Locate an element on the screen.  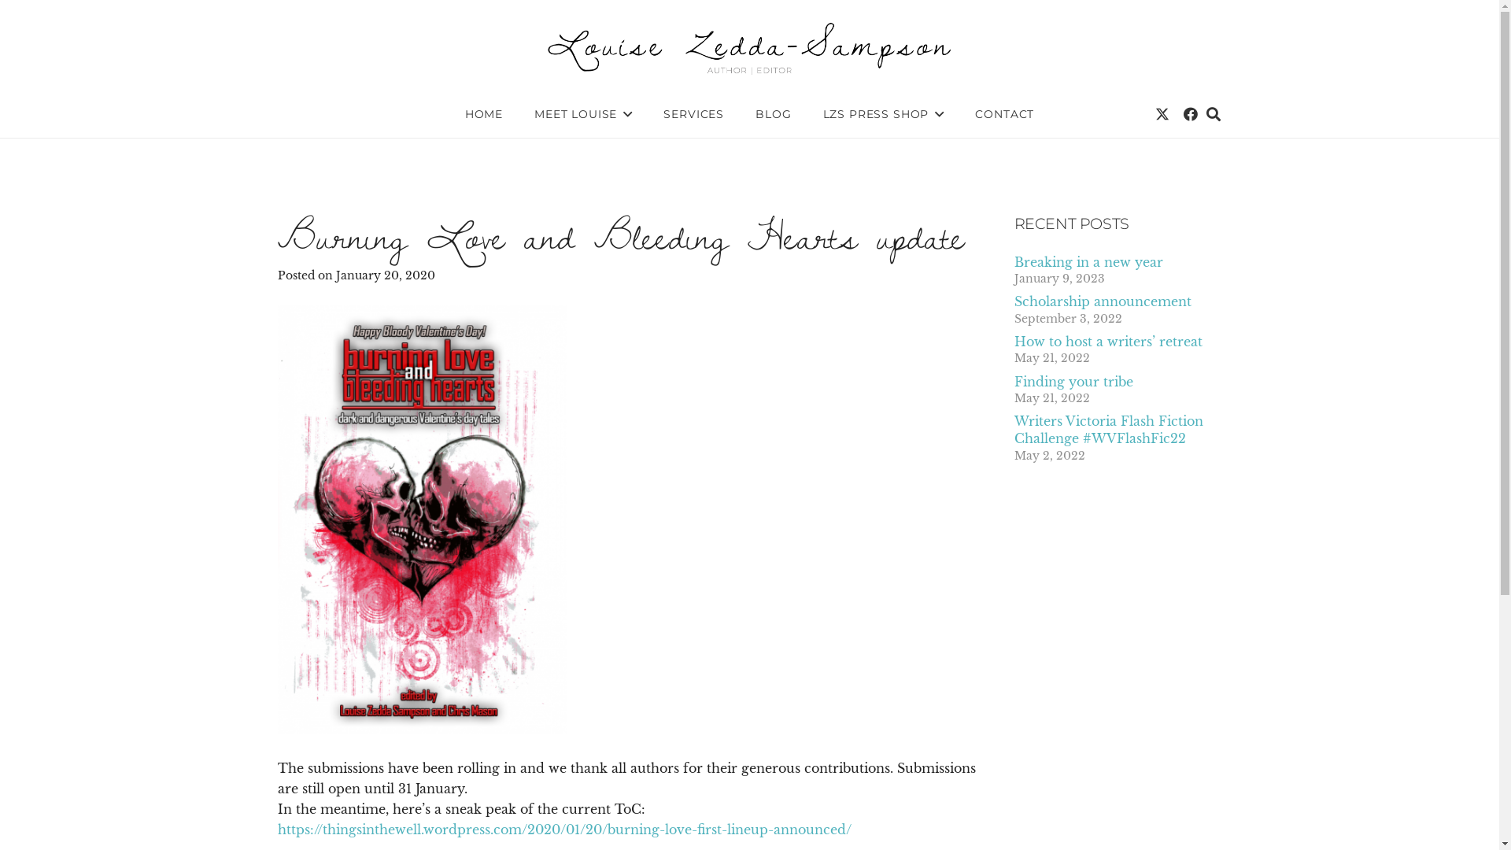
'MEET LOUISE' is located at coordinates (582, 113).